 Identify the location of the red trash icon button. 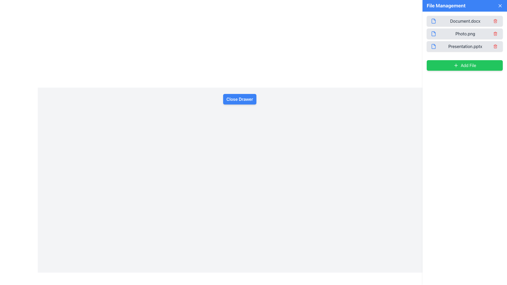
(495, 34).